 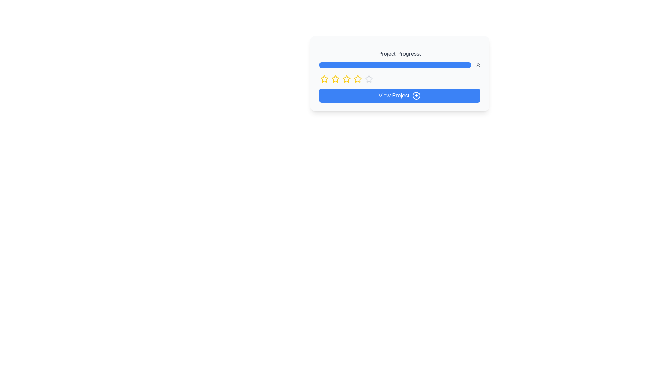 What do you see at coordinates (410, 65) in the screenshot?
I see `progress` at bounding box center [410, 65].